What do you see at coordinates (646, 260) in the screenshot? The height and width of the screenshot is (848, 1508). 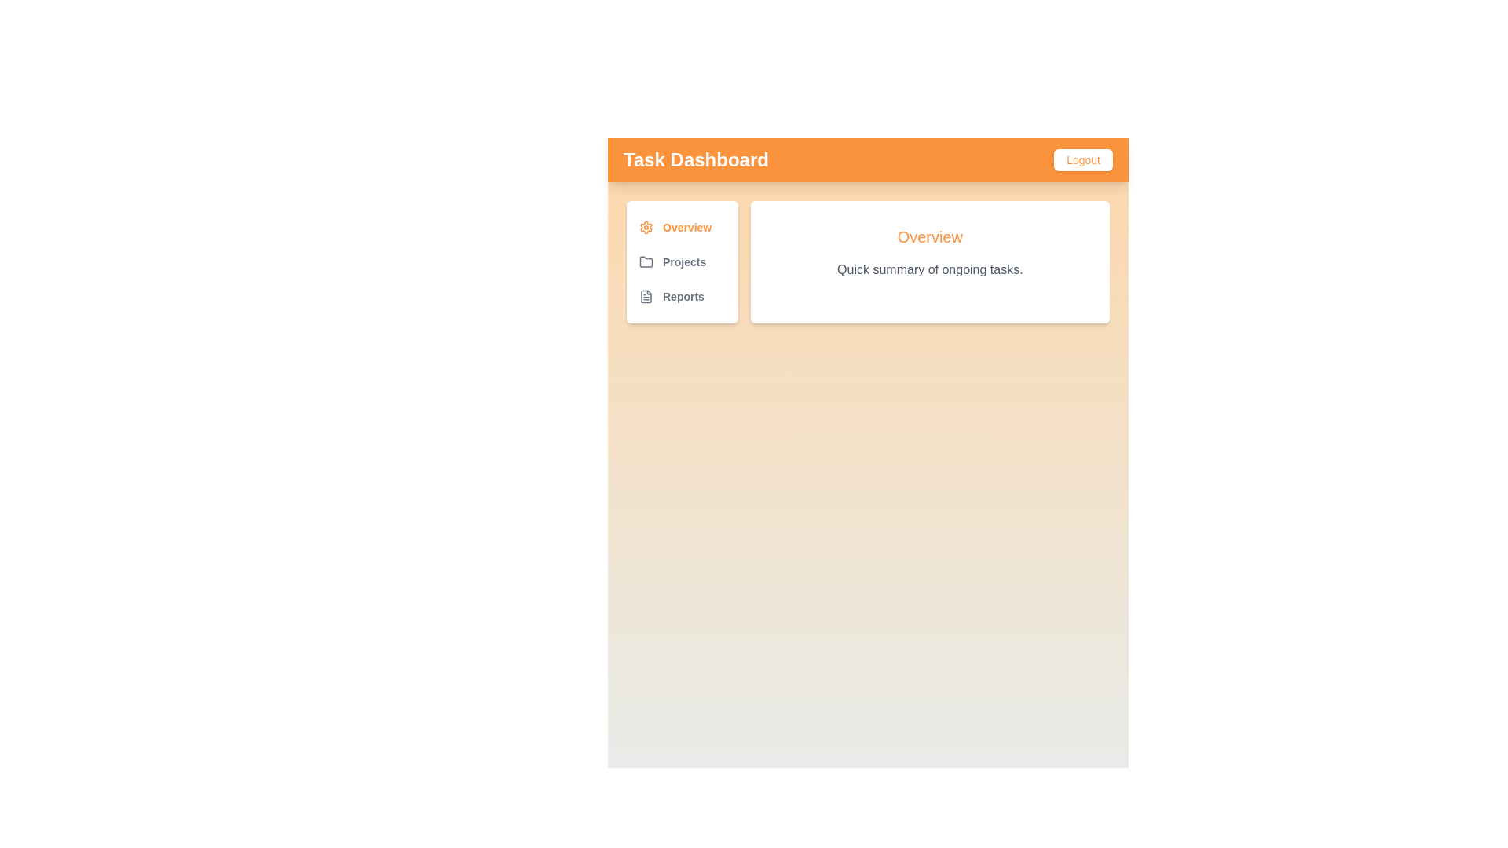 I see `the 'Projects' icon in the sidebar menu, which is the second icon below 'Overview' and above 'Reports'` at bounding box center [646, 260].